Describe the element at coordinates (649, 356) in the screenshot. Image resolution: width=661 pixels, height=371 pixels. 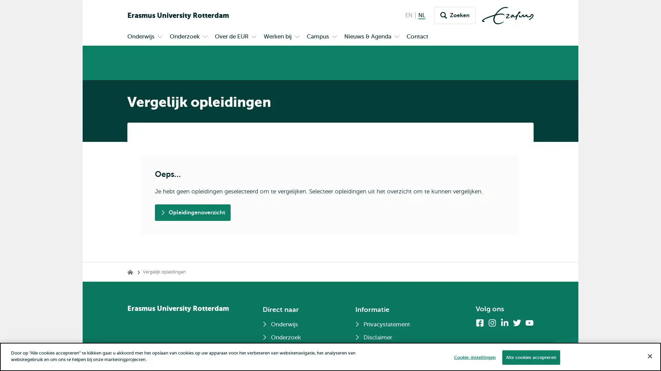
I see `Sluiten` at that location.